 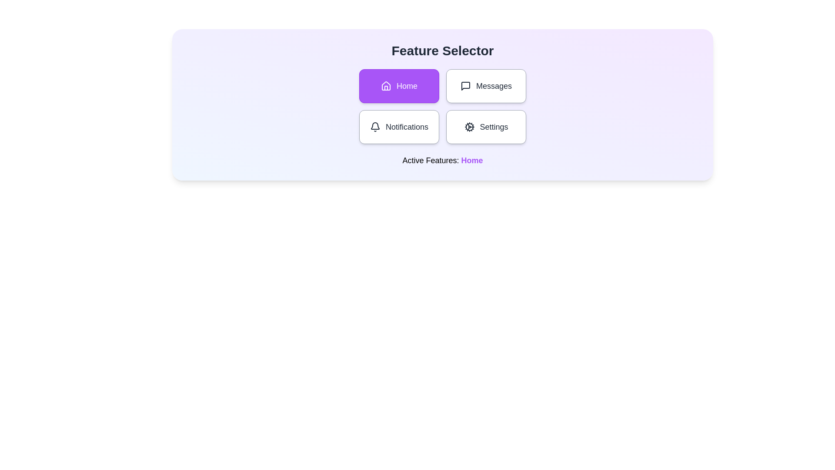 I want to click on the house icon within the active 'Home' button, so click(x=386, y=86).